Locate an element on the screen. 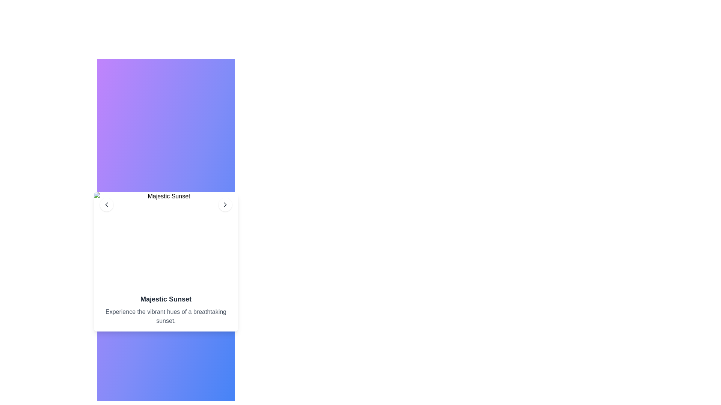 The width and height of the screenshot is (721, 405). the Chevron navigation icon within the circular button located at the top-right corner of the card interface is located at coordinates (225, 205).